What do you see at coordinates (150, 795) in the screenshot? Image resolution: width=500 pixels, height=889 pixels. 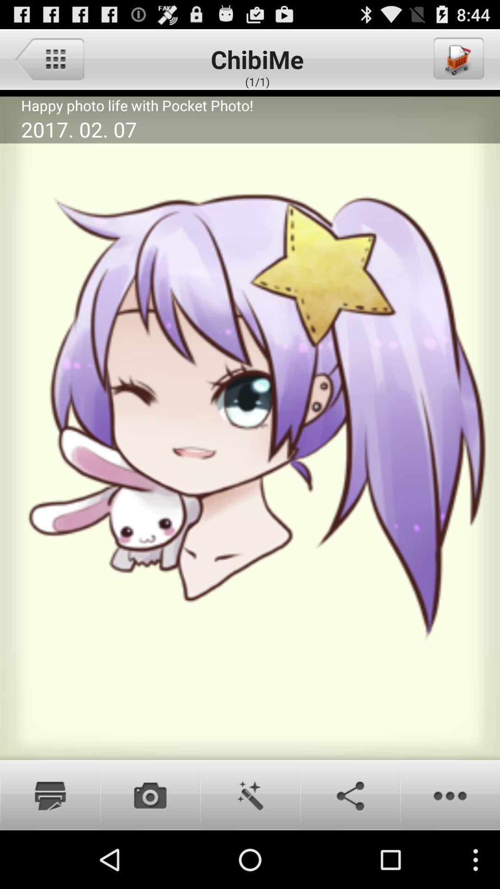 I see `camera` at bounding box center [150, 795].